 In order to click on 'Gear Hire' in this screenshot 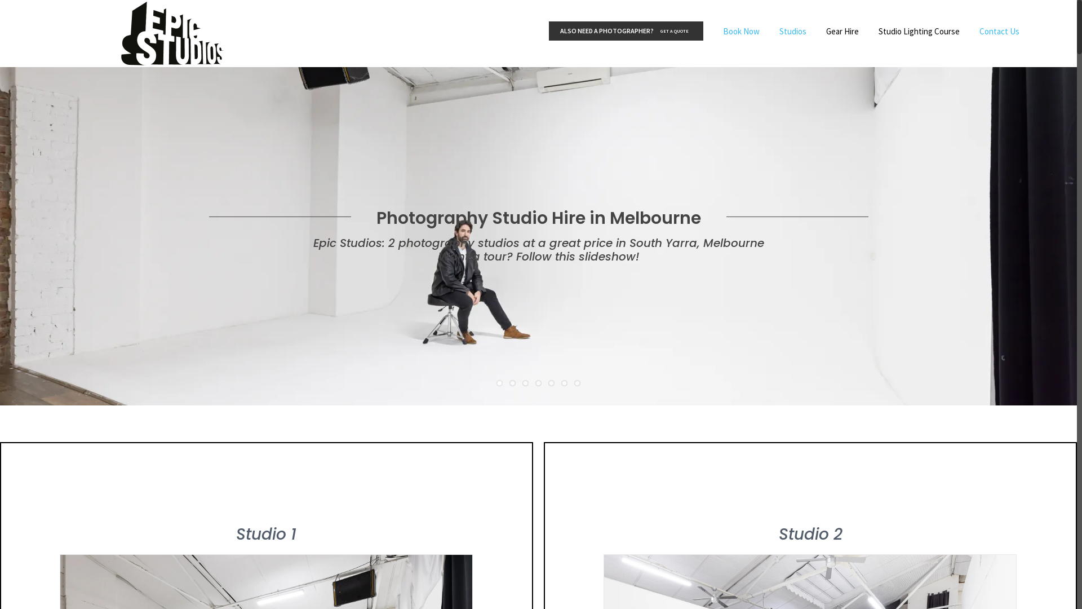, I will do `click(842, 30)`.